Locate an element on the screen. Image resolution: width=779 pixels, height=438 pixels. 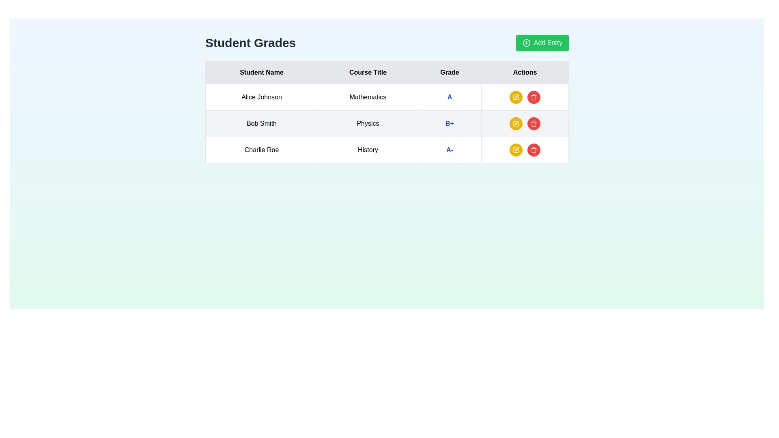
the yellow circular icon representing an editing action for the 'Physics' row under the 'Actions' column in the table is located at coordinates (516, 123).